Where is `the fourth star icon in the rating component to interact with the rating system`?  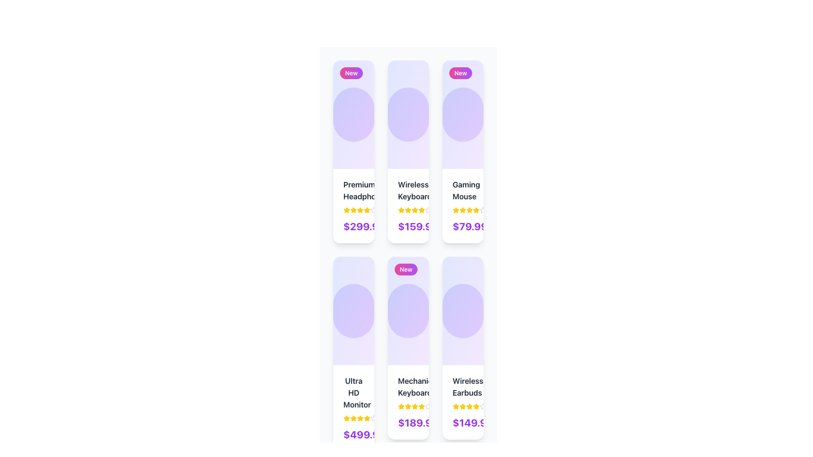 the fourth star icon in the rating component to interact with the rating system is located at coordinates (360, 210).